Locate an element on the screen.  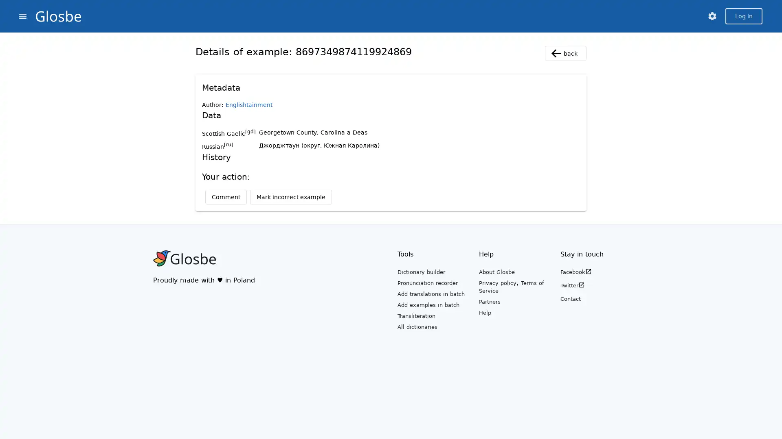
back is located at coordinates (565, 53).